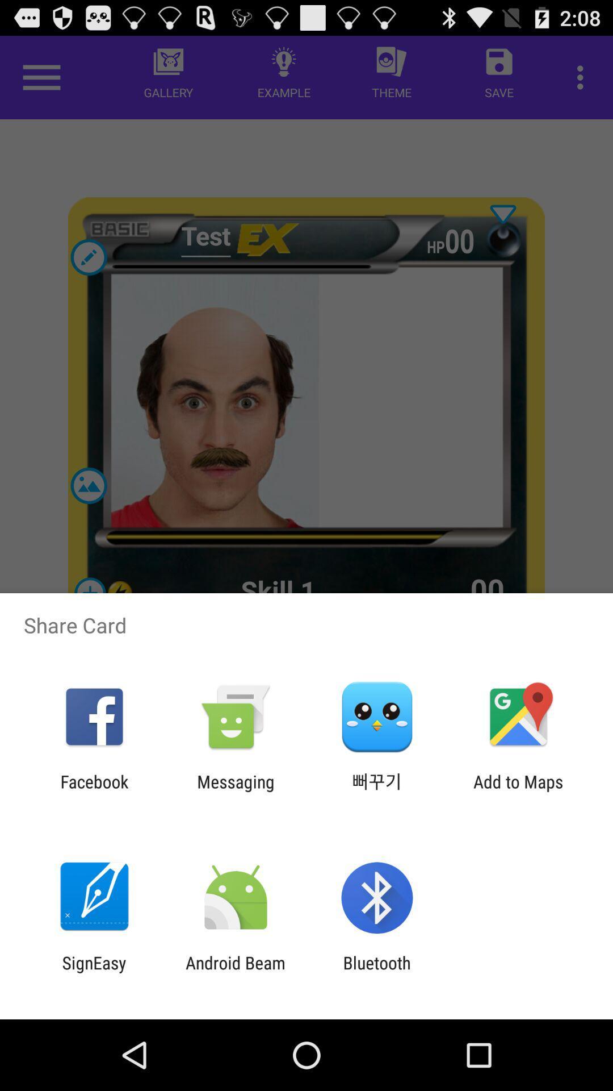 Image resolution: width=613 pixels, height=1091 pixels. What do you see at coordinates (94, 791) in the screenshot?
I see `the icon to the left of the messaging icon` at bounding box center [94, 791].